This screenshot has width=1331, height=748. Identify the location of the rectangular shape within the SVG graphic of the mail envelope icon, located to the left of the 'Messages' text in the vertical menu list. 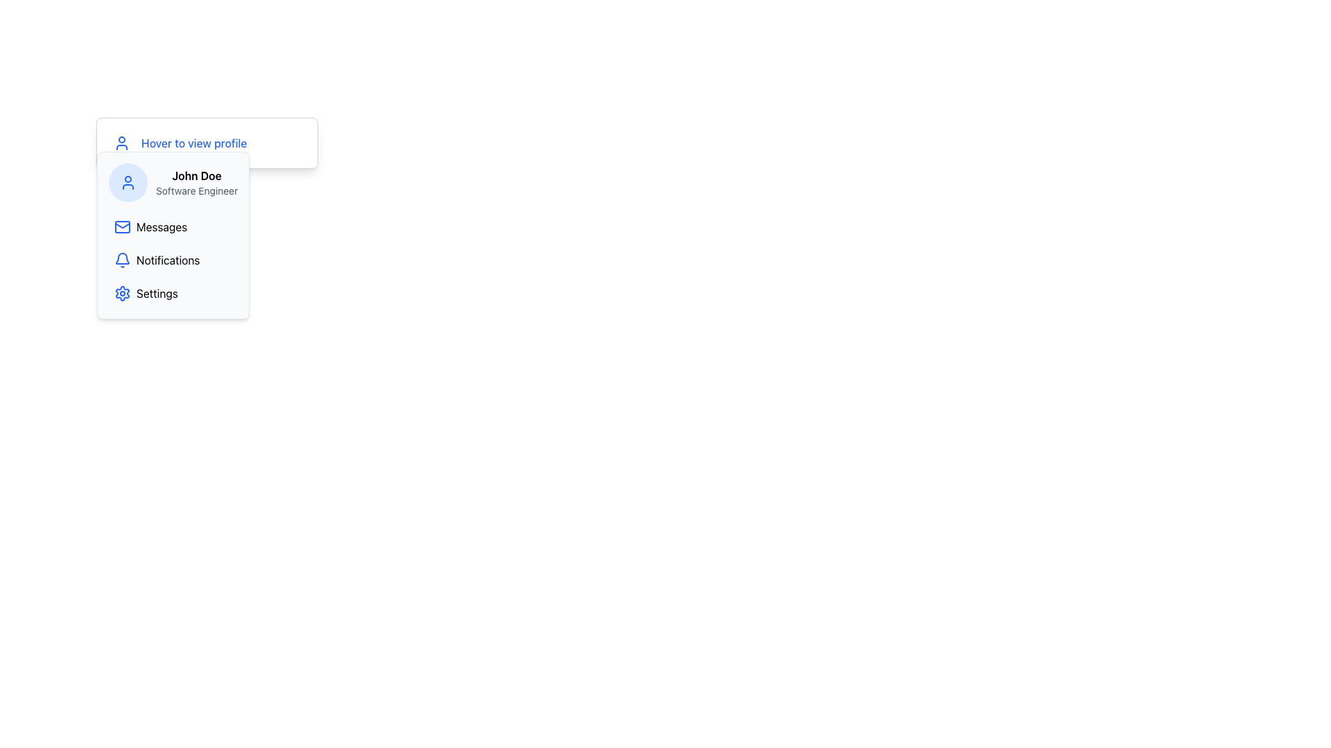
(123, 226).